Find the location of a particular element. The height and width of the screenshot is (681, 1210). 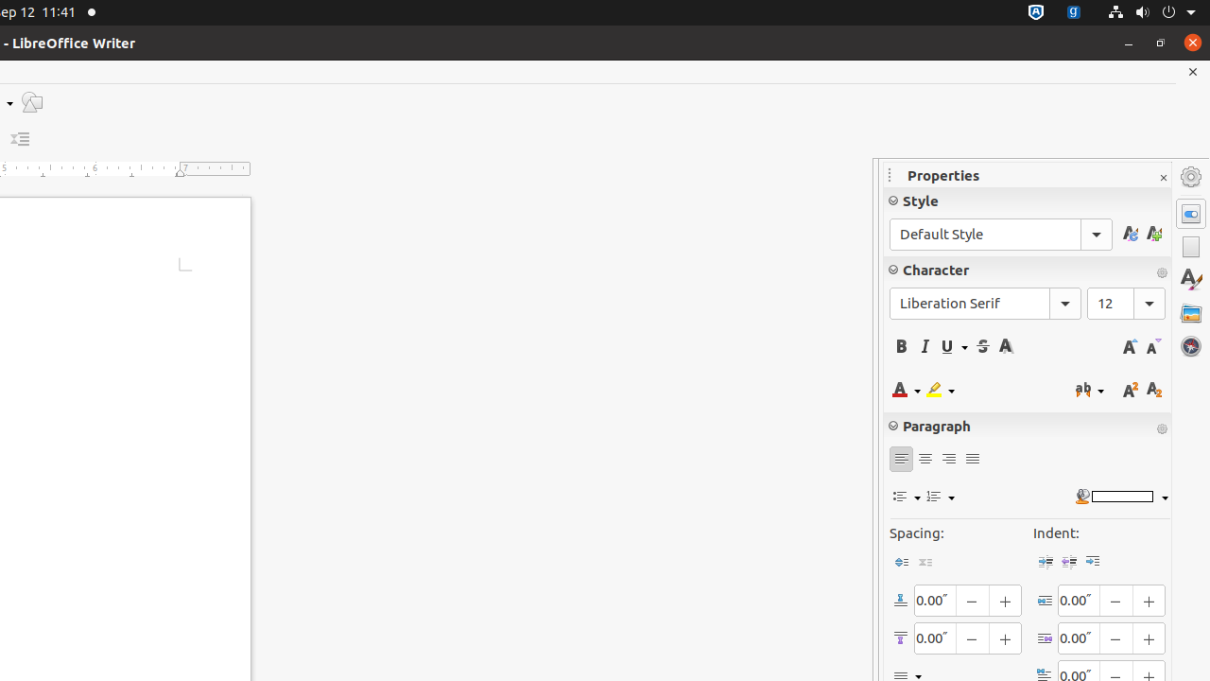

'Close Sidebar Deck' is located at coordinates (1162, 178).